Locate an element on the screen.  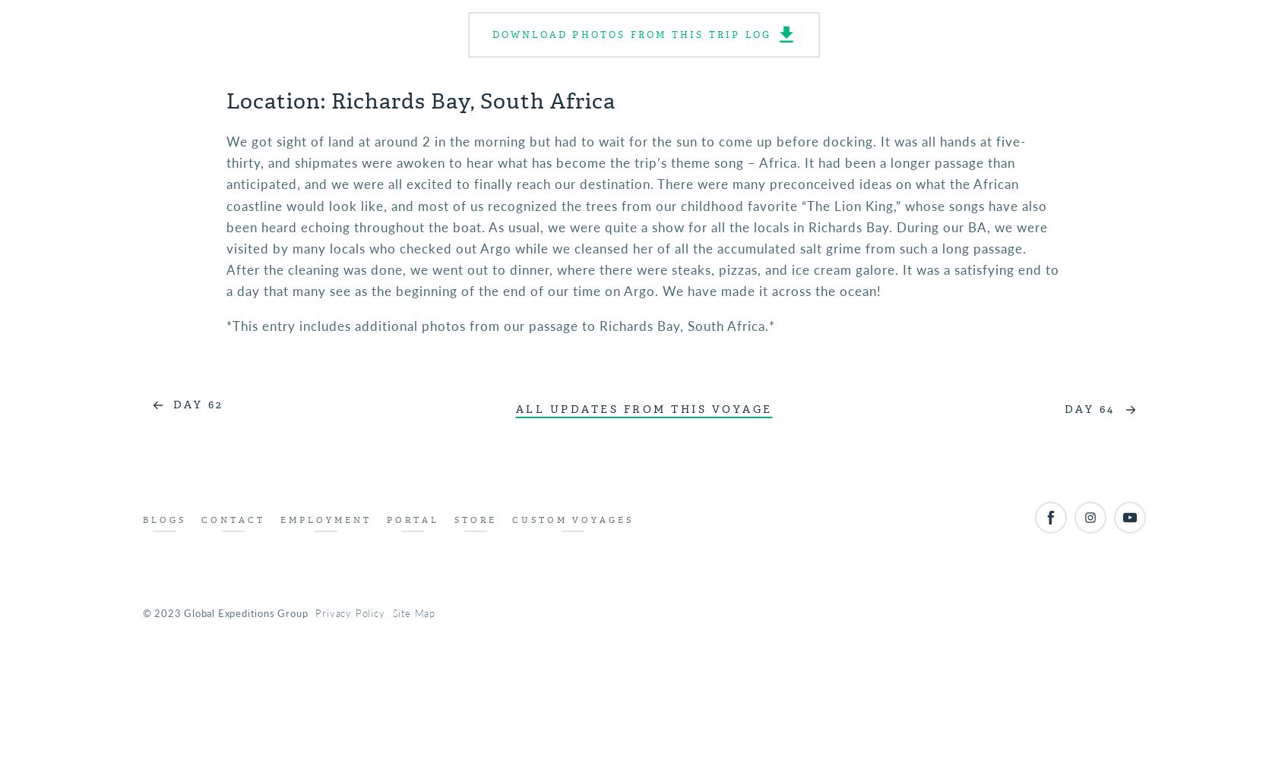
'Blogs' is located at coordinates (163, 520).